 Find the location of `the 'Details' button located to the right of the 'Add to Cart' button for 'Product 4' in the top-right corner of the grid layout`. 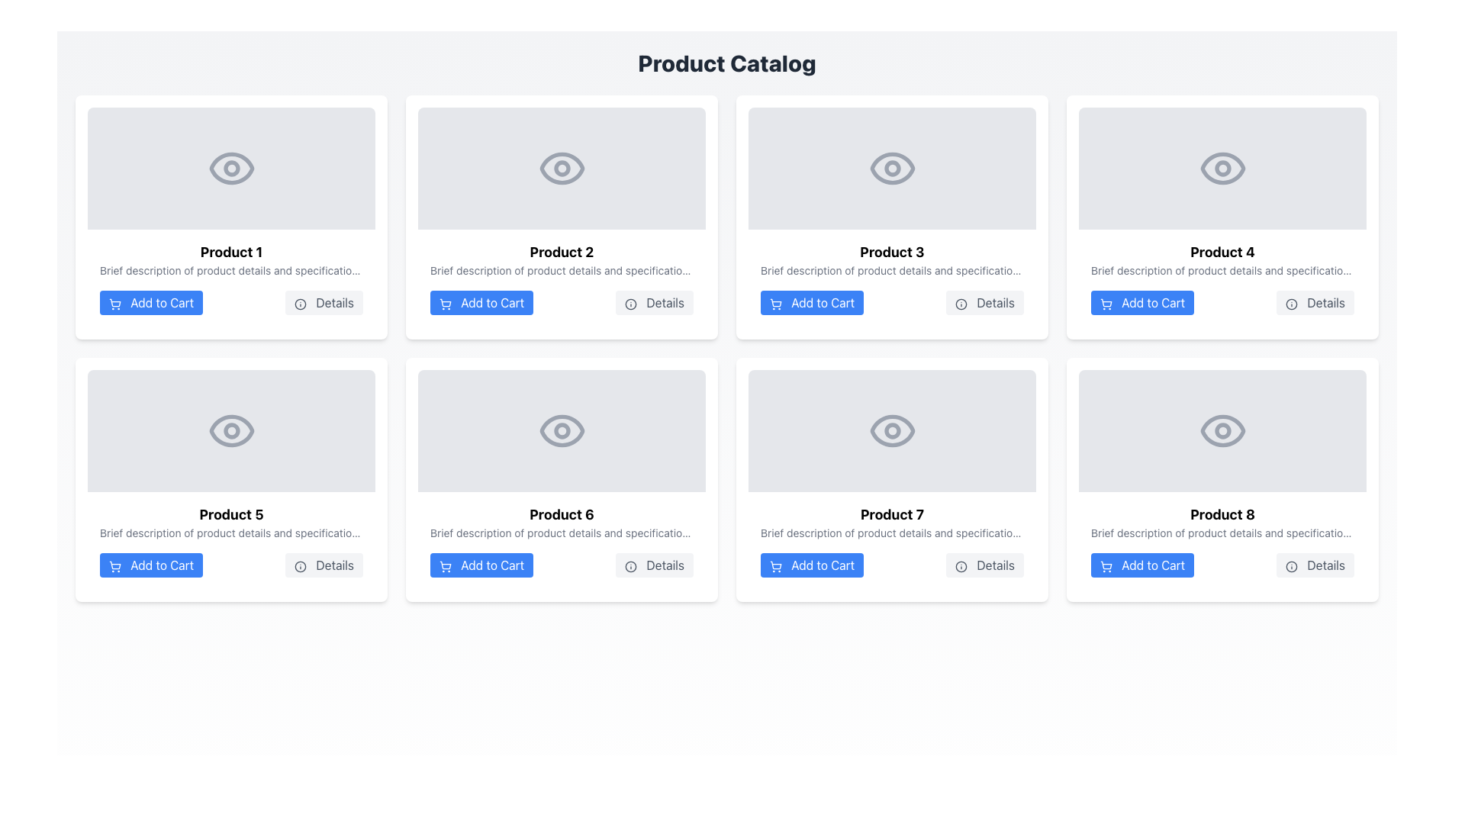

the 'Details' button located to the right of the 'Add to Cart' button for 'Product 4' in the top-right corner of the grid layout is located at coordinates (1315, 303).